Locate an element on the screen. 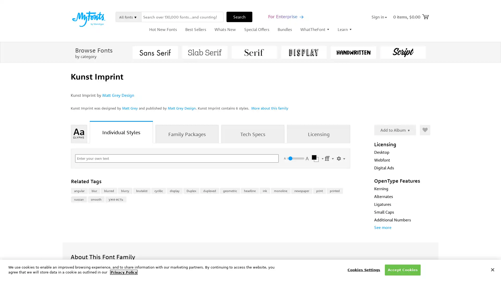 The width and height of the screenshot is (501, 281). Buying Choices is located at coordinates (330, 246).